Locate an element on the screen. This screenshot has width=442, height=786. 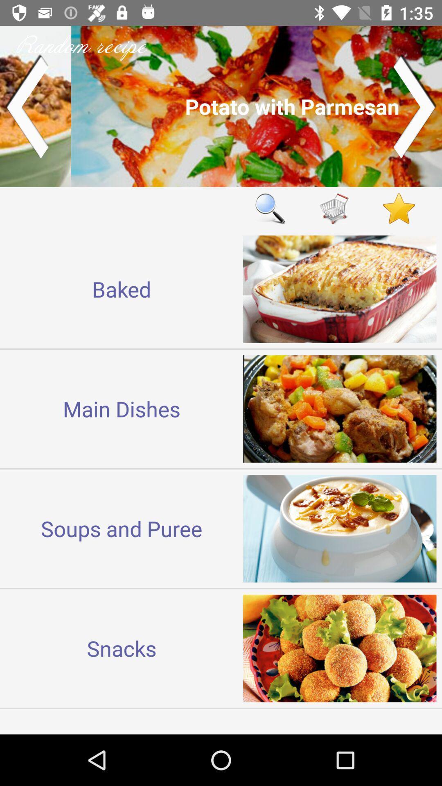
the soups and puree icon is located at coordinates (122, 529).